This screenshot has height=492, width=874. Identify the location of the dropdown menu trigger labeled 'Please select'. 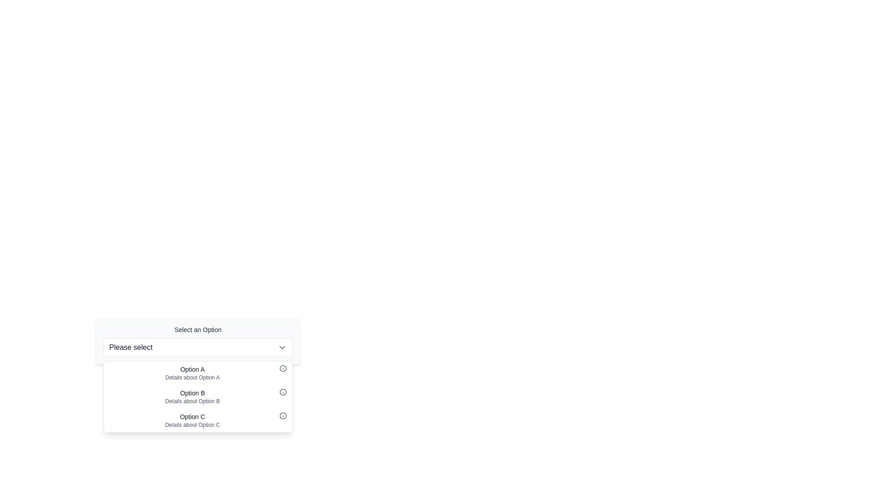
(198, 348).